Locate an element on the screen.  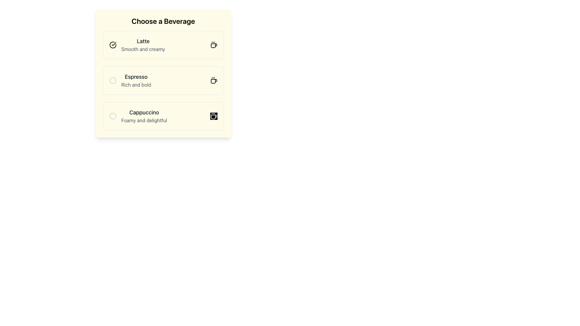
the subtitle text that provides additional details about the 'Cappuccino' option in the beverage selection interface, located directly beneath the 'Cappuccino' label is located at coordinates (144, 120).